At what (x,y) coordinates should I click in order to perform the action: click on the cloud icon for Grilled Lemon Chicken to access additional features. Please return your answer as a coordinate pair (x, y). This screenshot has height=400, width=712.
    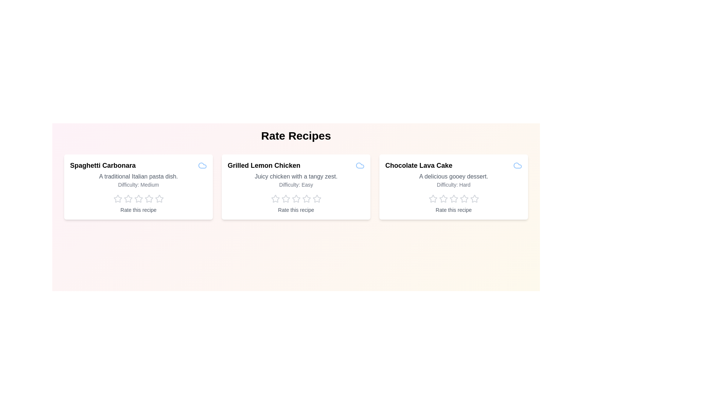
    Looking at the image, I should click on (360, 165).